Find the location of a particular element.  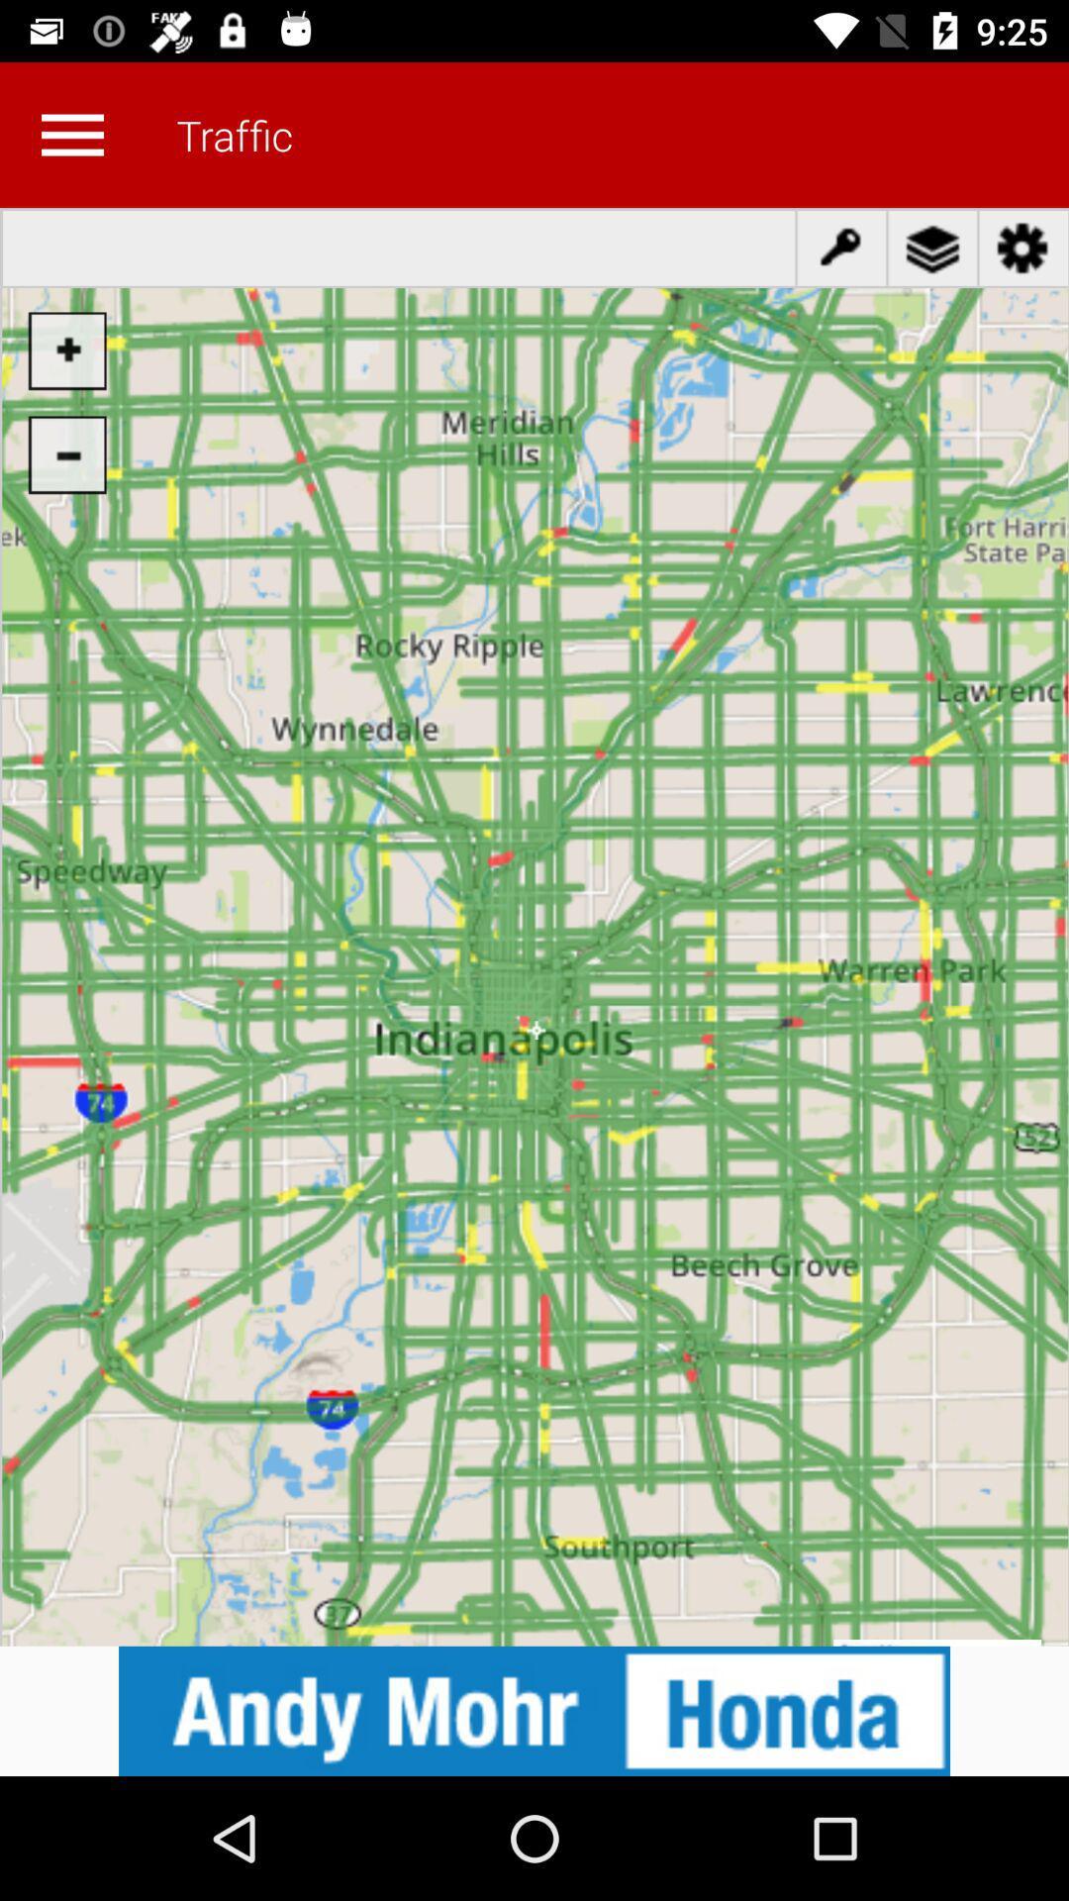

menu is located at coordinates (71, 134).